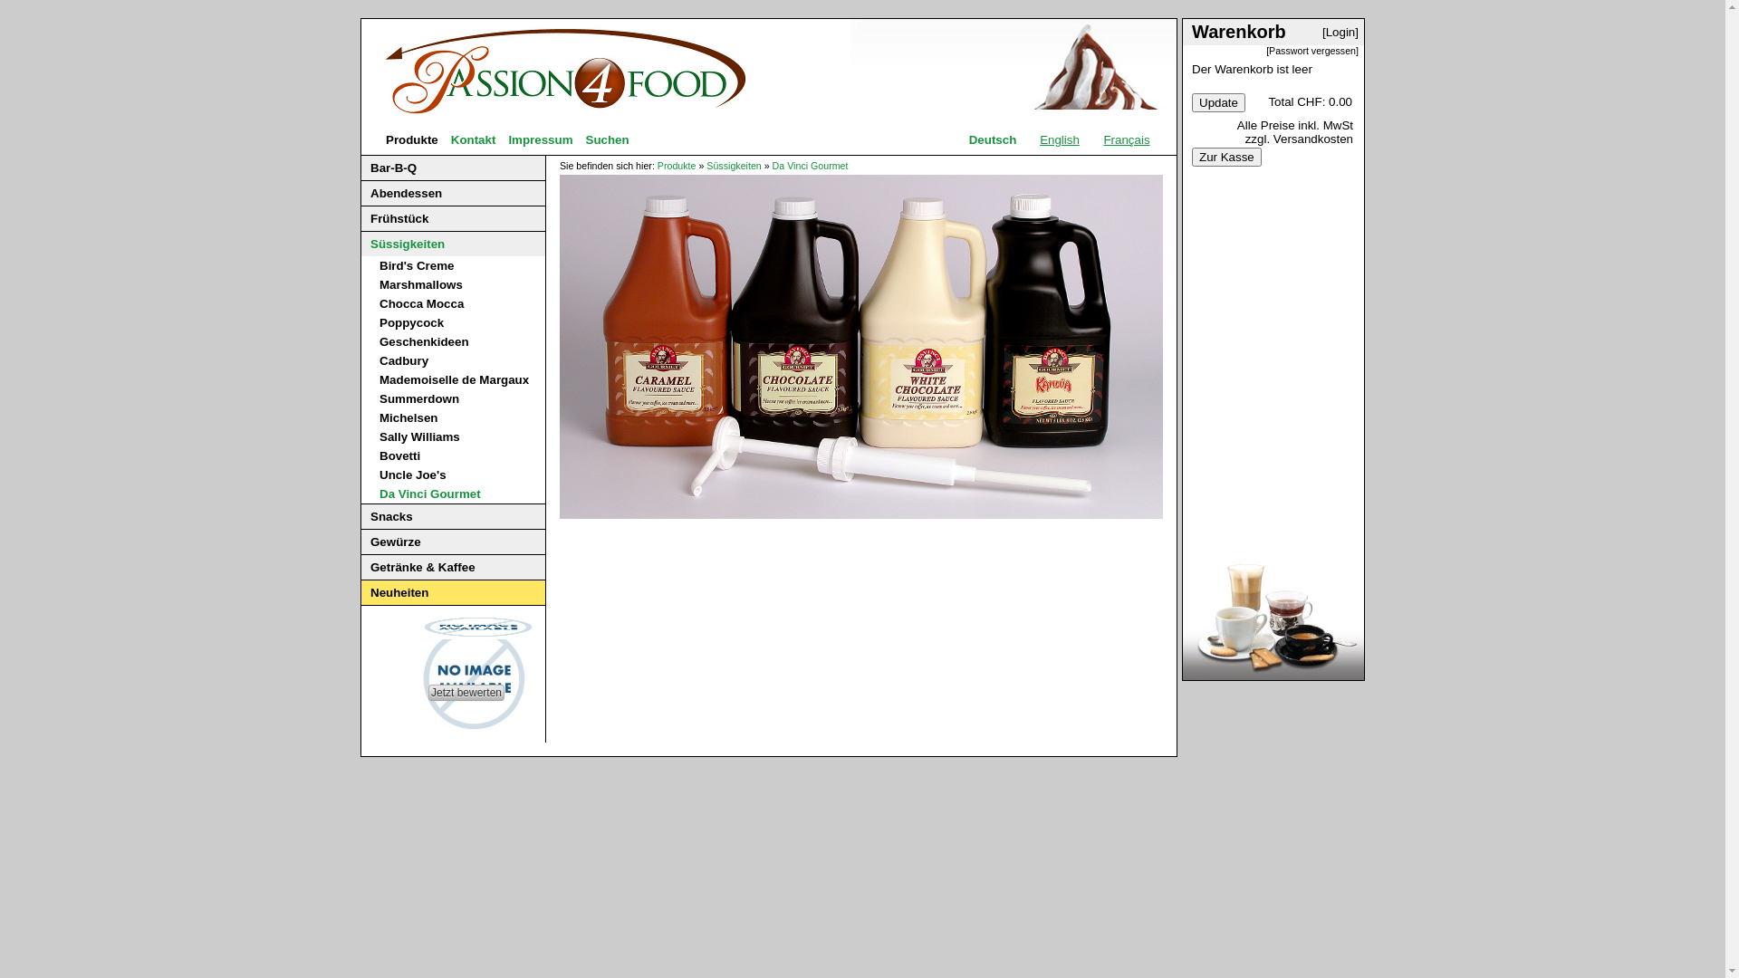 The width and height of the screenshot is (1739, 978). Describe the element at coordinates (420, 284) in the screenshot. I see `'Marshmallows'` at that location.